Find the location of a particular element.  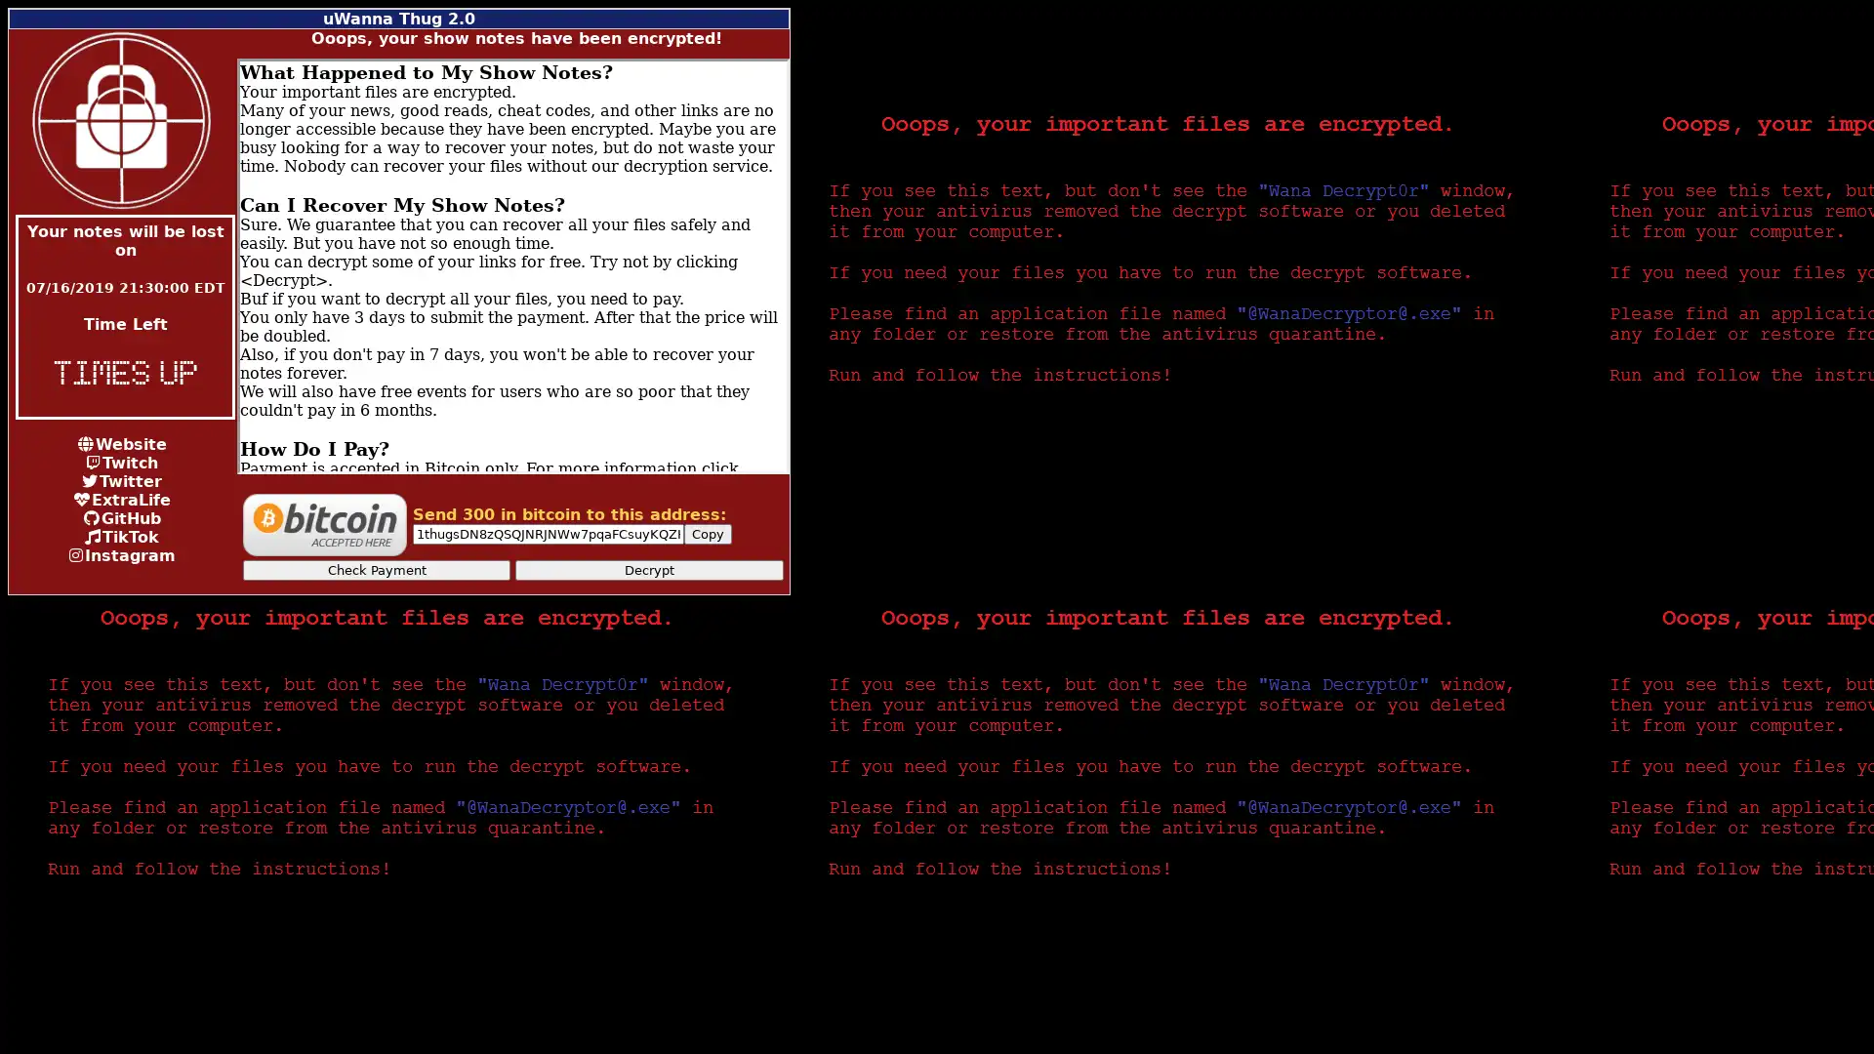

Check Payment is located at coordinates (376, 570).